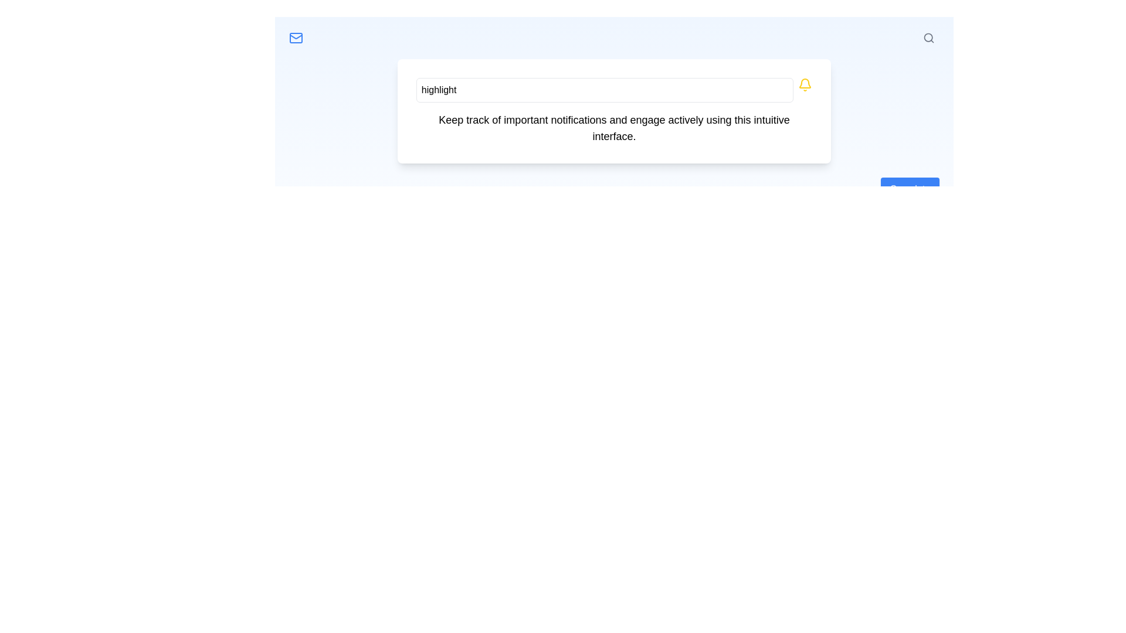 This screenshot has width=1126, height=633. Describe the element at coordinates (613, 128) in the screenshot. I see `the text block that reads 'Keep track of important notifications and engage actively using this intuitive interface.' located below the text input field and bell icon within a white card` at that location.